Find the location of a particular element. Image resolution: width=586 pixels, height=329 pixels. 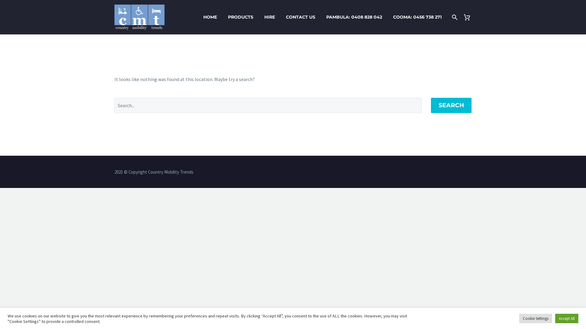

'PRODUCTS' is located at coordinates (240, 17).